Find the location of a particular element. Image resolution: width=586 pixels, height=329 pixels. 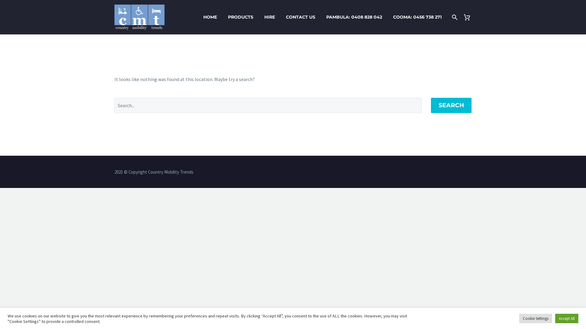

'PRODUCTS' is located at coordinates (240, 17).